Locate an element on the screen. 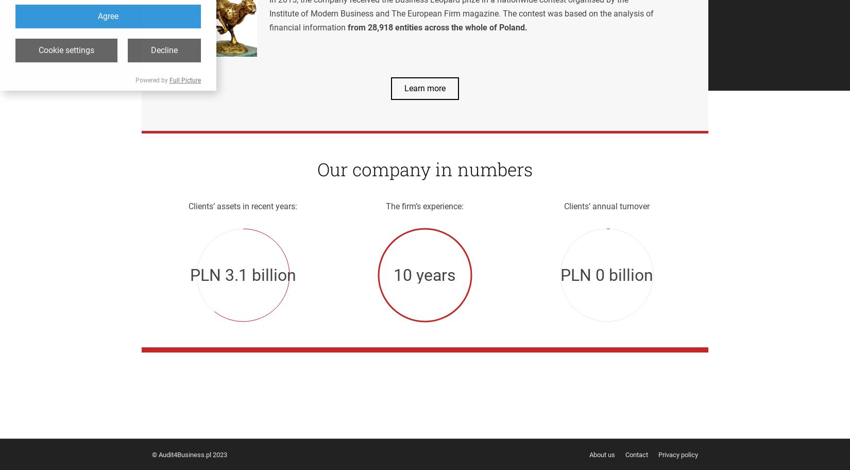 Image resolution: width=850 pixels, height=470 pixels. 'Złote Tarasy' is located at coordinates (200, 379).